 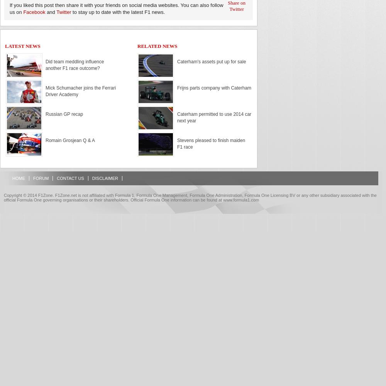 I want to click on 'Mick Schumacher joins the Ferrari Driver Academy', so click(x=80, y=91).